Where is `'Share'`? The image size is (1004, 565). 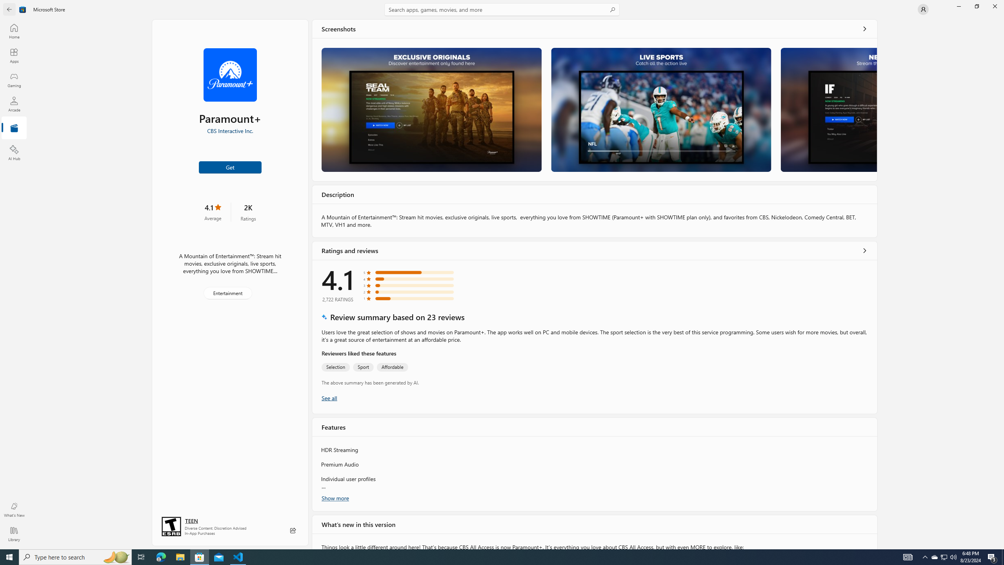 'Share' is located at coordinates (293, 530).